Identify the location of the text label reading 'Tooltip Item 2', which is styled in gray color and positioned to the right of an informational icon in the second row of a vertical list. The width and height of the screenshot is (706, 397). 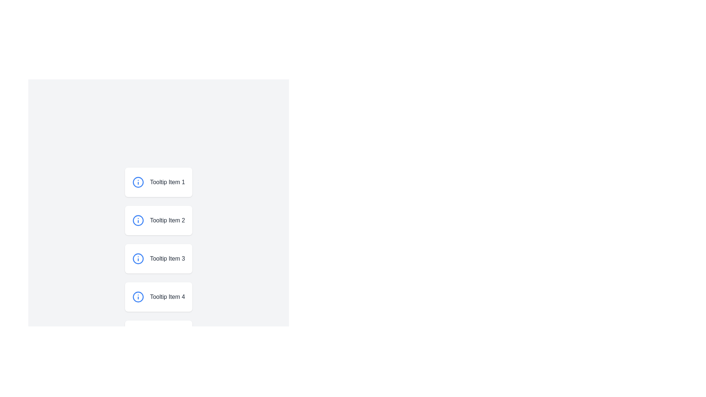
(164, 220).